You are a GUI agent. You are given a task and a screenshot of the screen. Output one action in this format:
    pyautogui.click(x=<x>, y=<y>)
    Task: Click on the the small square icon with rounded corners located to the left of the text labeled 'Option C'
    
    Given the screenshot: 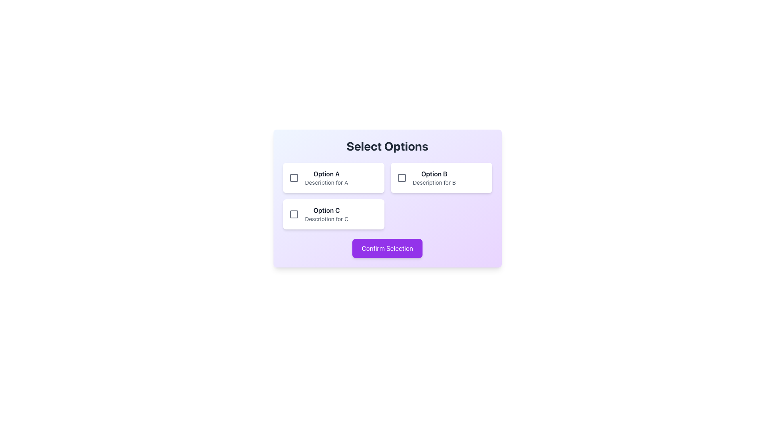 What is the action you would take?
    pyautogui.click(x=293, y=214)
    